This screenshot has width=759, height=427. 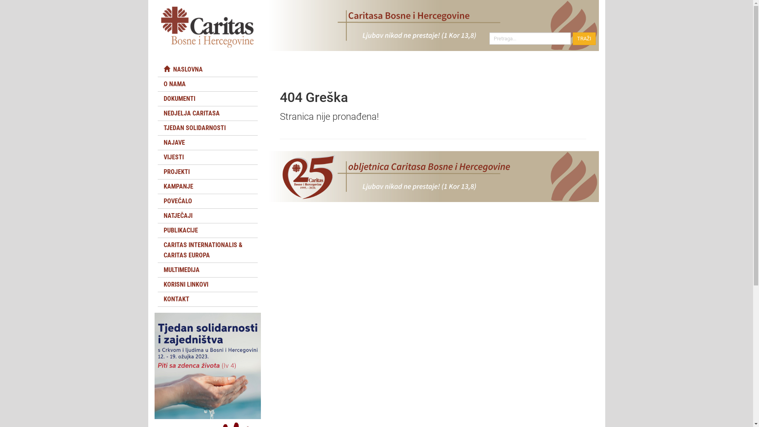 I want to click on 'PUBLIKACIJE', so click(x=207, y=230).